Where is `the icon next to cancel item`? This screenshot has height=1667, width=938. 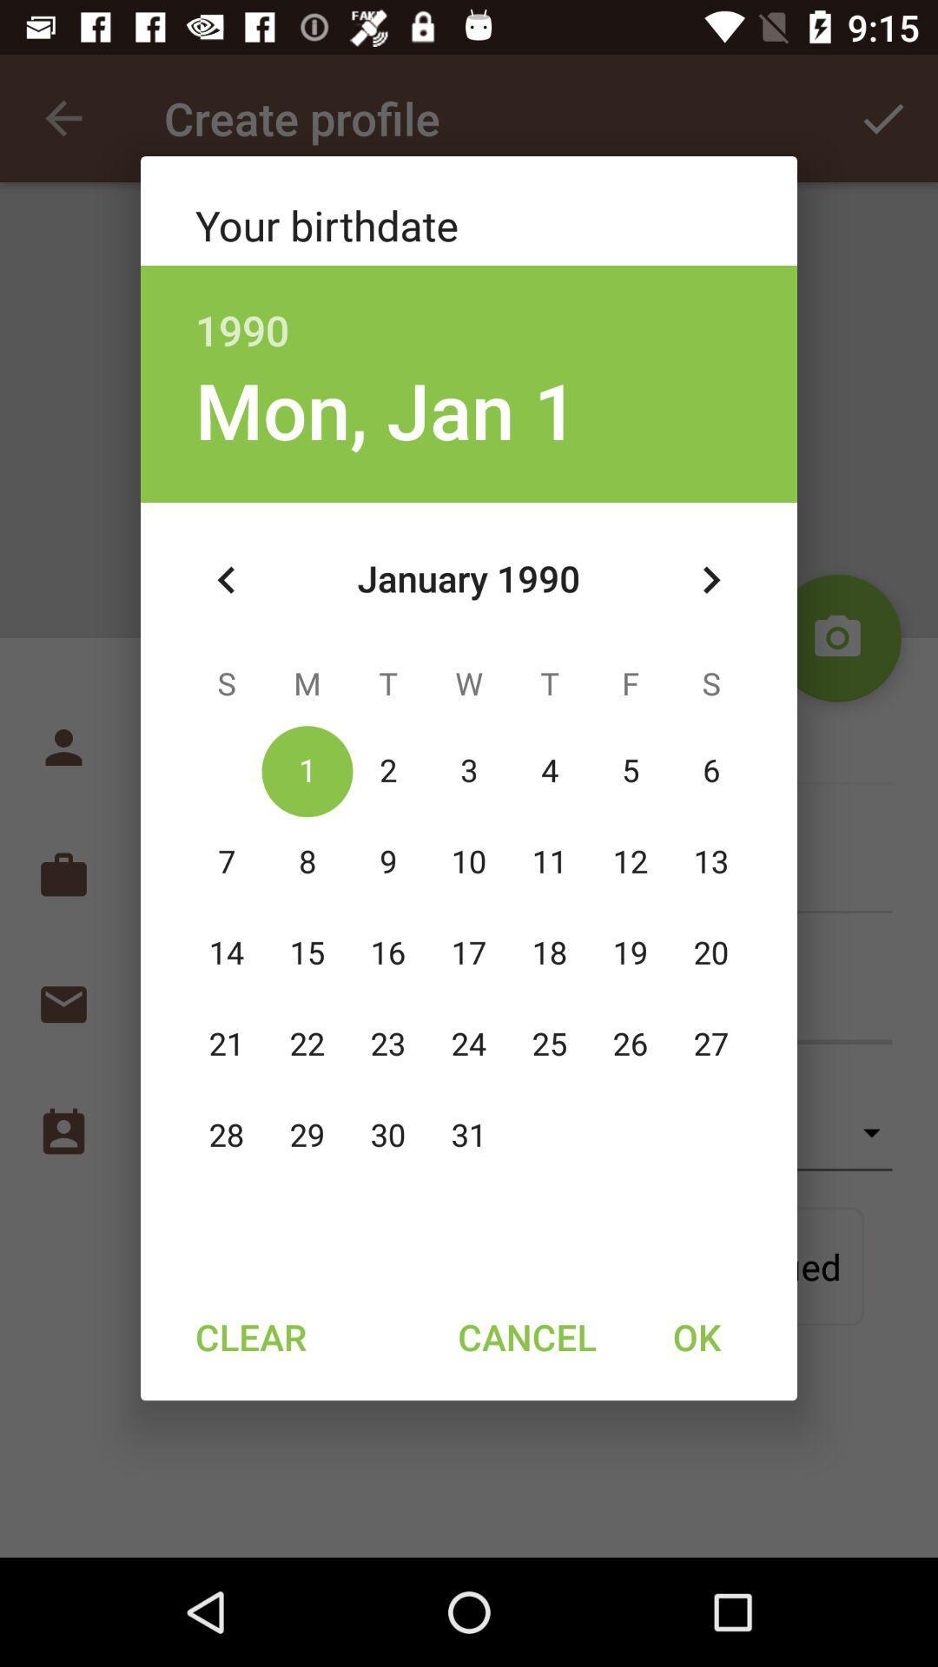 the icon next to cancel item is located at coordinates (696, 1335).